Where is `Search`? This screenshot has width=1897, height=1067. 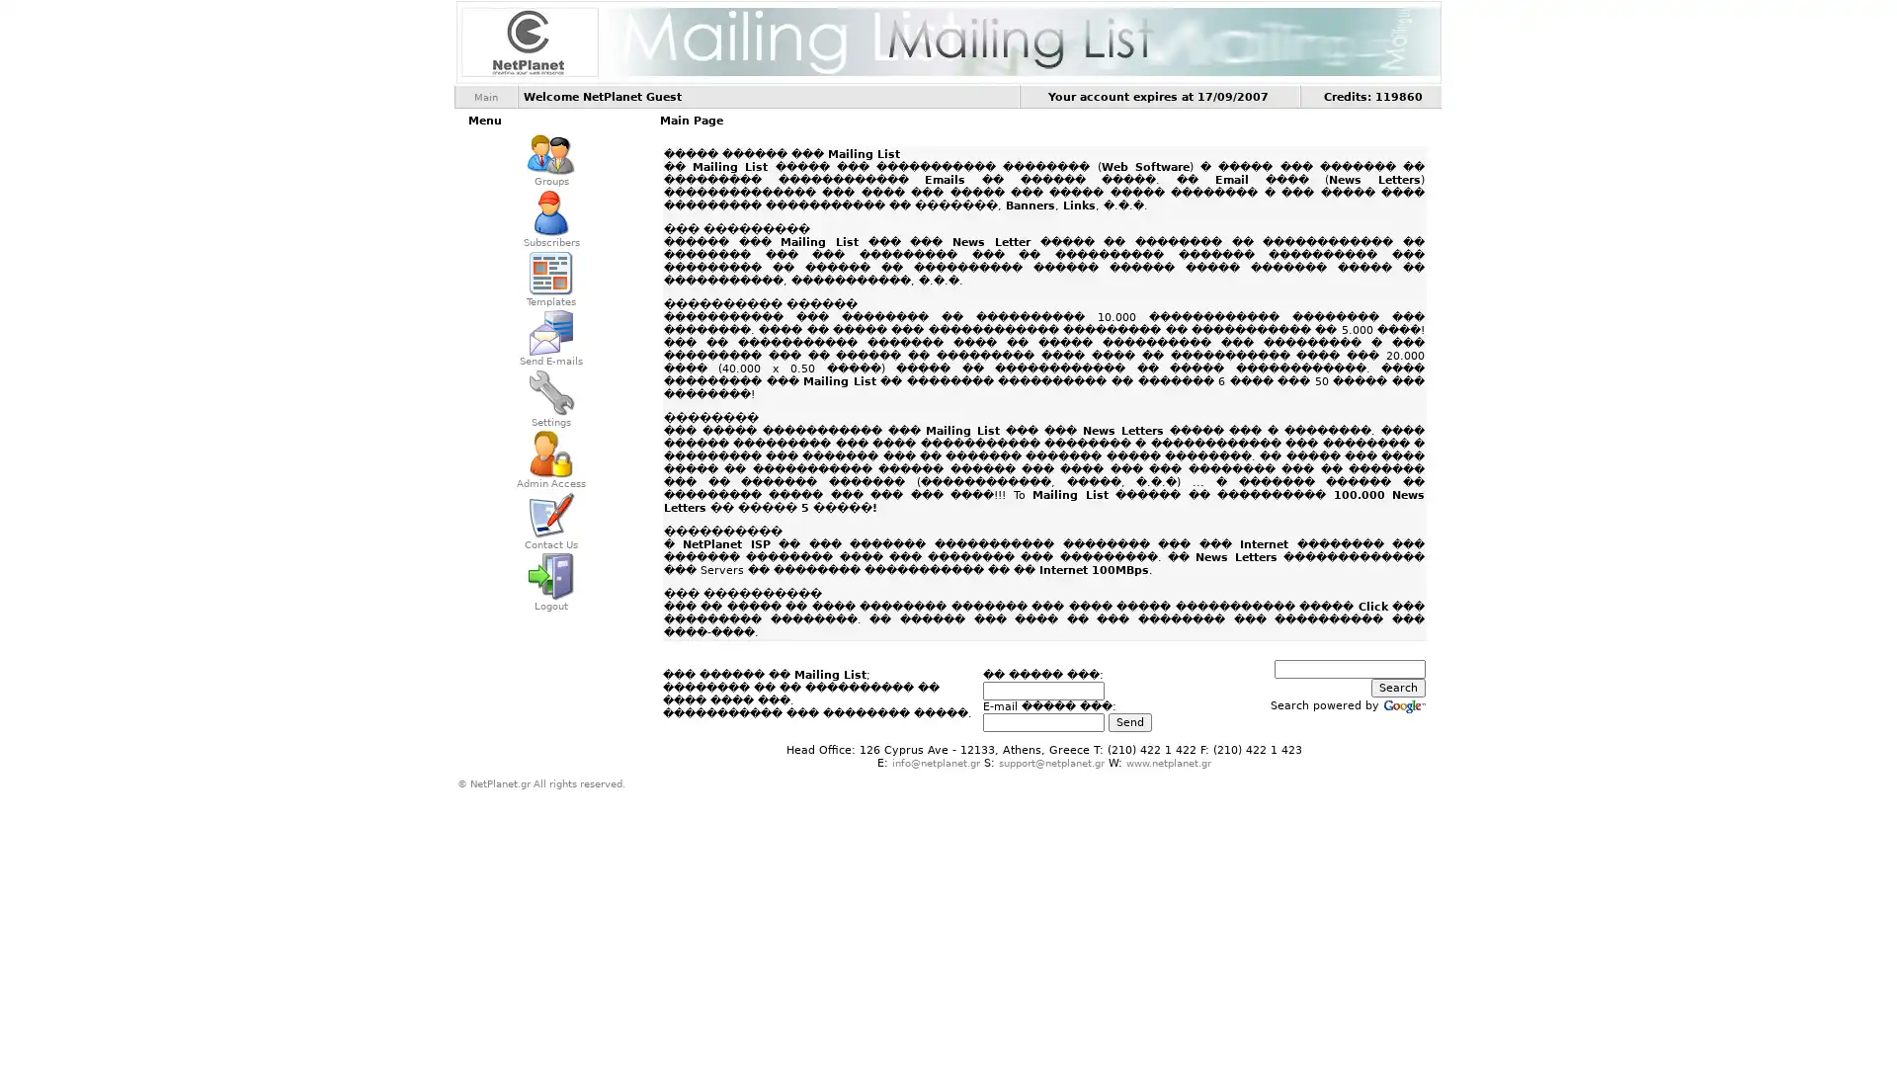 Search is located at coordinates (1397, 687).